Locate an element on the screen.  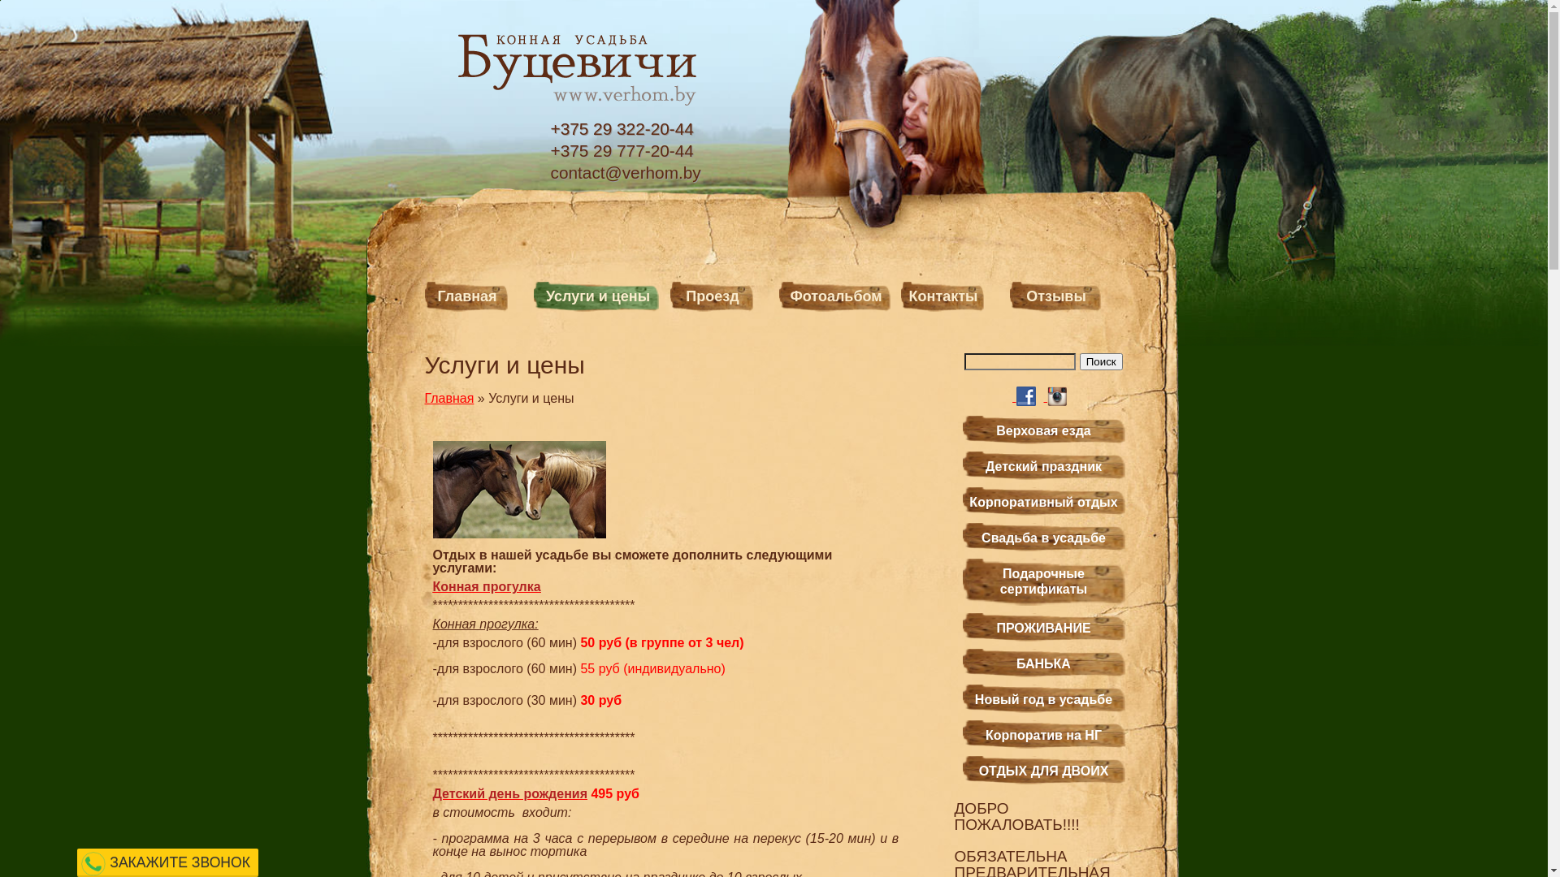
'facebook.com/konnayausadba' is located at coordinates (1014, 396).